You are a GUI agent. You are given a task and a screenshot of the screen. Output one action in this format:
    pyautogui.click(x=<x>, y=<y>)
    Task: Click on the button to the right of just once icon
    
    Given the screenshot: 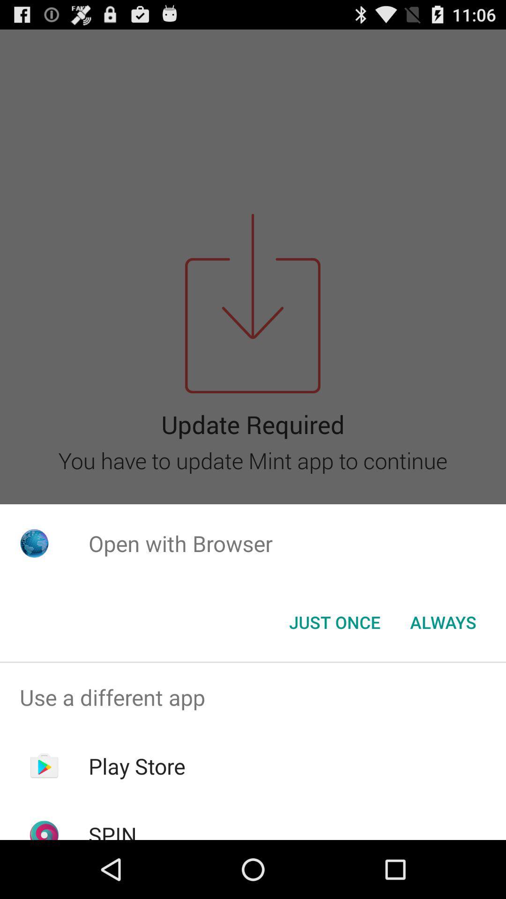 What is the action you would take?
    pyautogui.click(x=443, y=622)
    